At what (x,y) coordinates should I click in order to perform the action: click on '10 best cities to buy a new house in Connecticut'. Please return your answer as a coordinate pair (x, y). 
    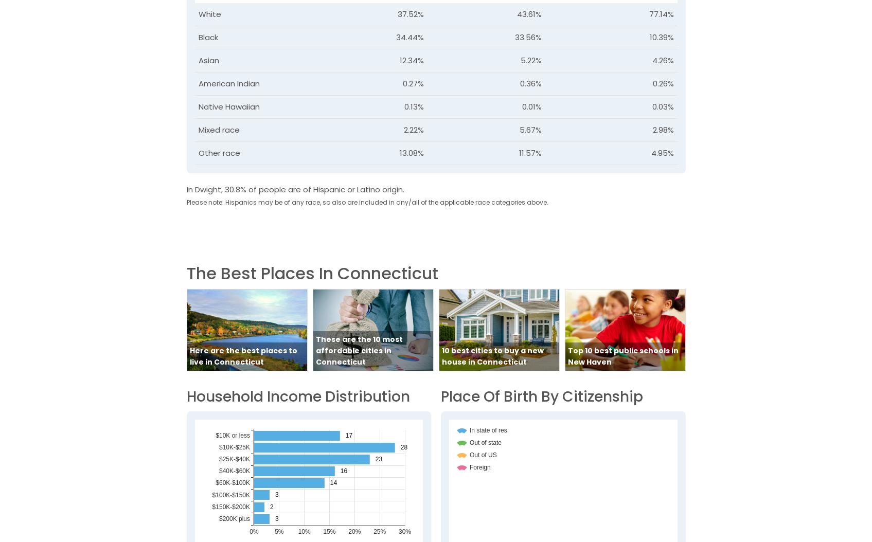
    Looking at the image, I should click on (492, 356).